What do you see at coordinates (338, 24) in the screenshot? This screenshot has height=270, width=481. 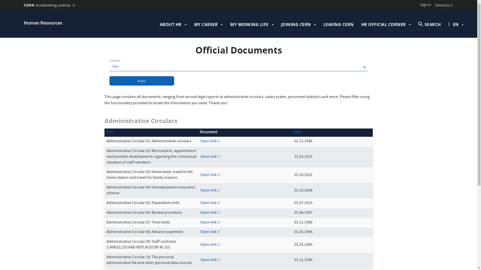 I see `'LEAVING CERN'` at bounding box center [338, 24].